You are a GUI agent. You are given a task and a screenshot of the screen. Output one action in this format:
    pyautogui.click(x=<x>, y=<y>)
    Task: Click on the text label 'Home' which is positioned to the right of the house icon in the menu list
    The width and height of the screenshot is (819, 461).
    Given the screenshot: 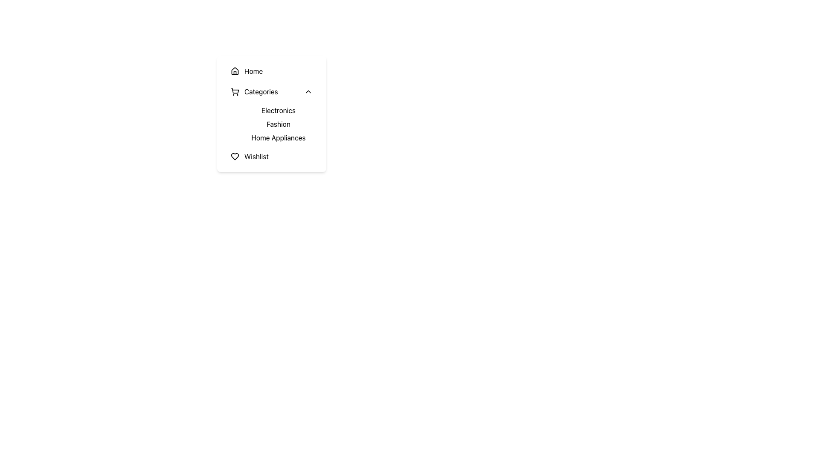 What is the action you would take?
    pyautogui.click(x=253, y=70)
    